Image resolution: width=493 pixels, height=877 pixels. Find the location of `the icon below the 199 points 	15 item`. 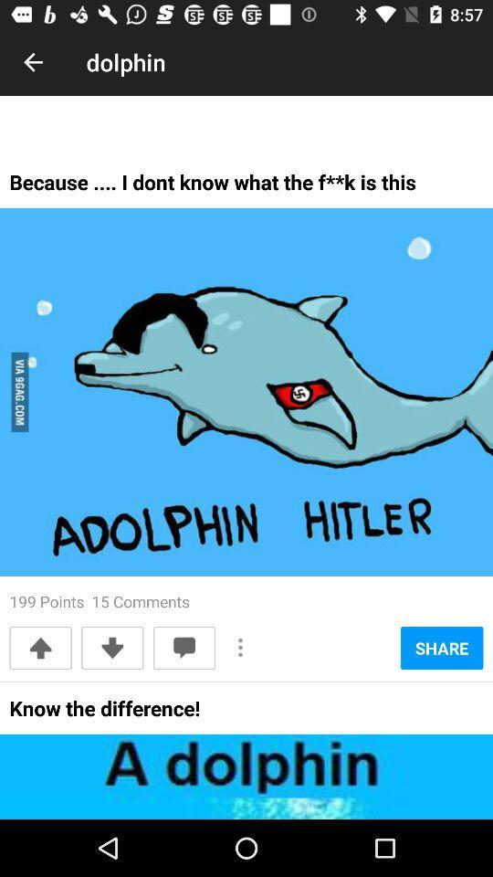

the icon below the 199 points 	15 item is located at coordinates (40, 648).